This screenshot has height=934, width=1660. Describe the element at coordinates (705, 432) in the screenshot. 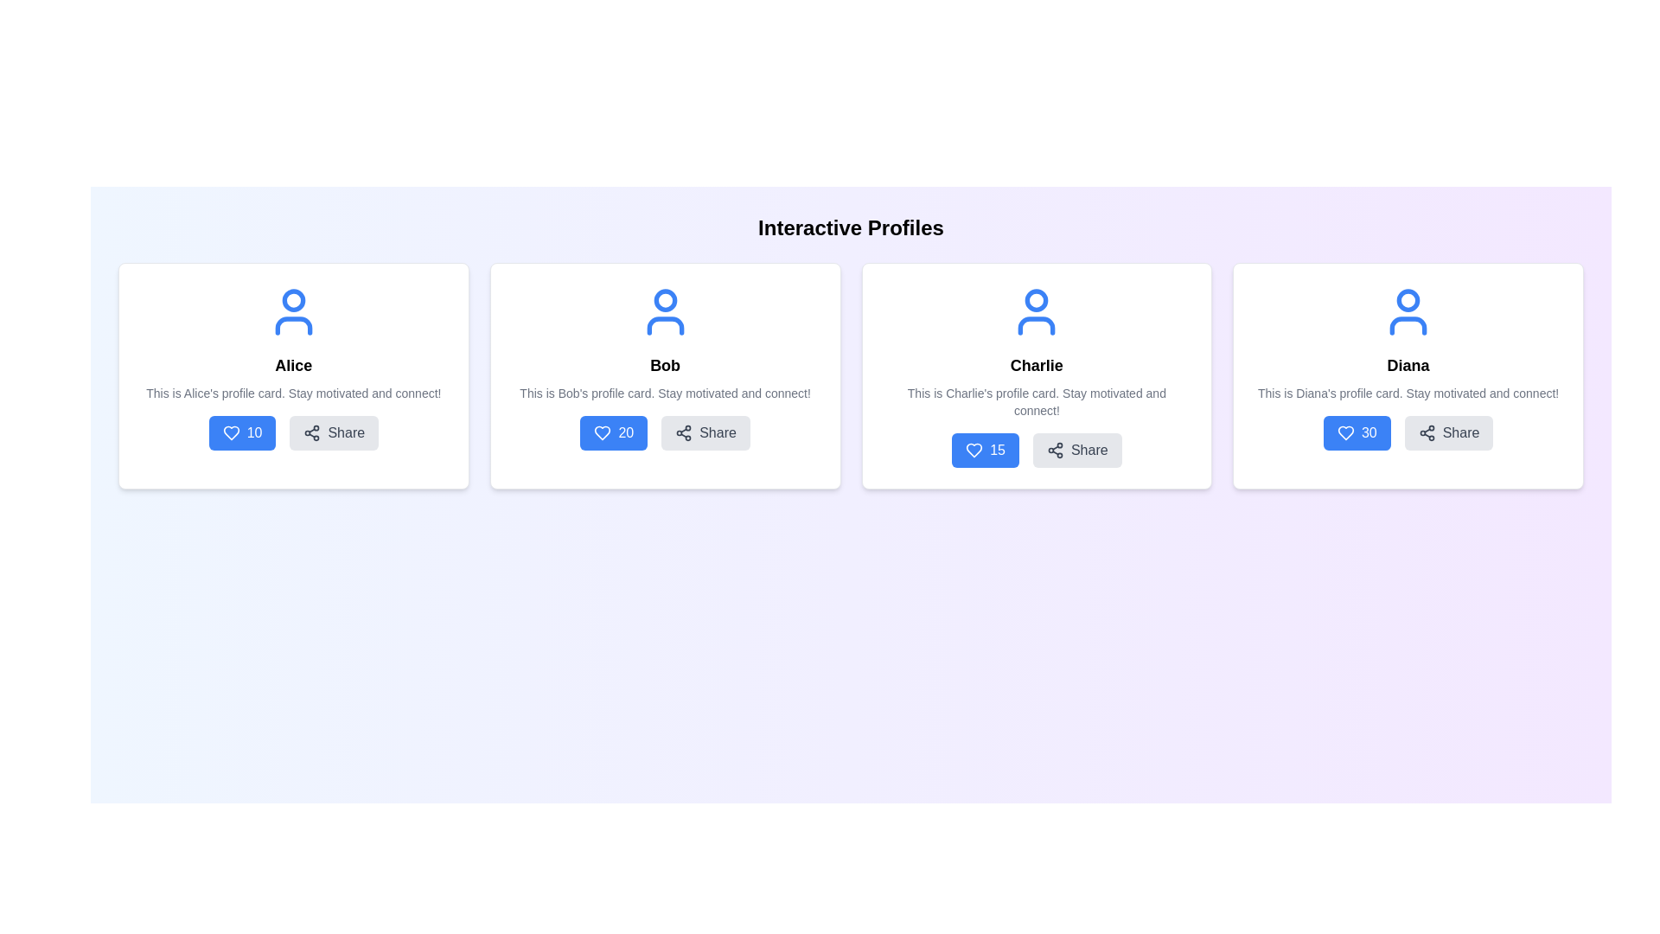

I see `the second interactive button in the profile card titled 'Bob'` at that location.